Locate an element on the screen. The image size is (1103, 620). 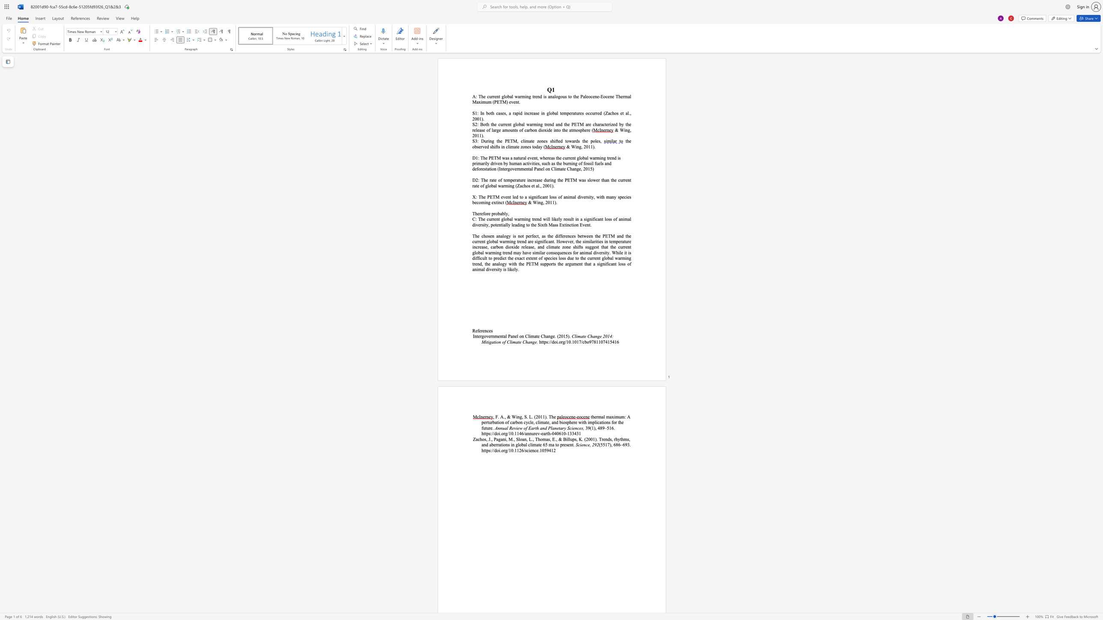
the 3th character "," in the text is located at coordinates (522, 417).